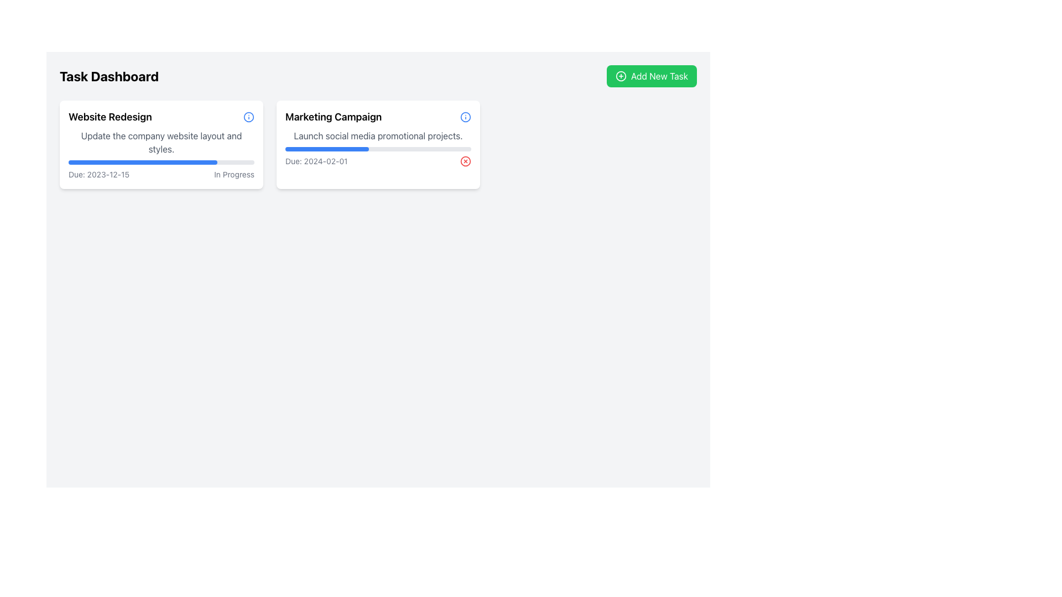 Image resolution: width=1062 pixels, height=597 pixels. Describe the element at coordinates (465, 161) in the screenshot. I see `the Circle graphical component representing the delete or close icon located at the bottom-right corner of the 'Marketing Campaign' card` at that location.